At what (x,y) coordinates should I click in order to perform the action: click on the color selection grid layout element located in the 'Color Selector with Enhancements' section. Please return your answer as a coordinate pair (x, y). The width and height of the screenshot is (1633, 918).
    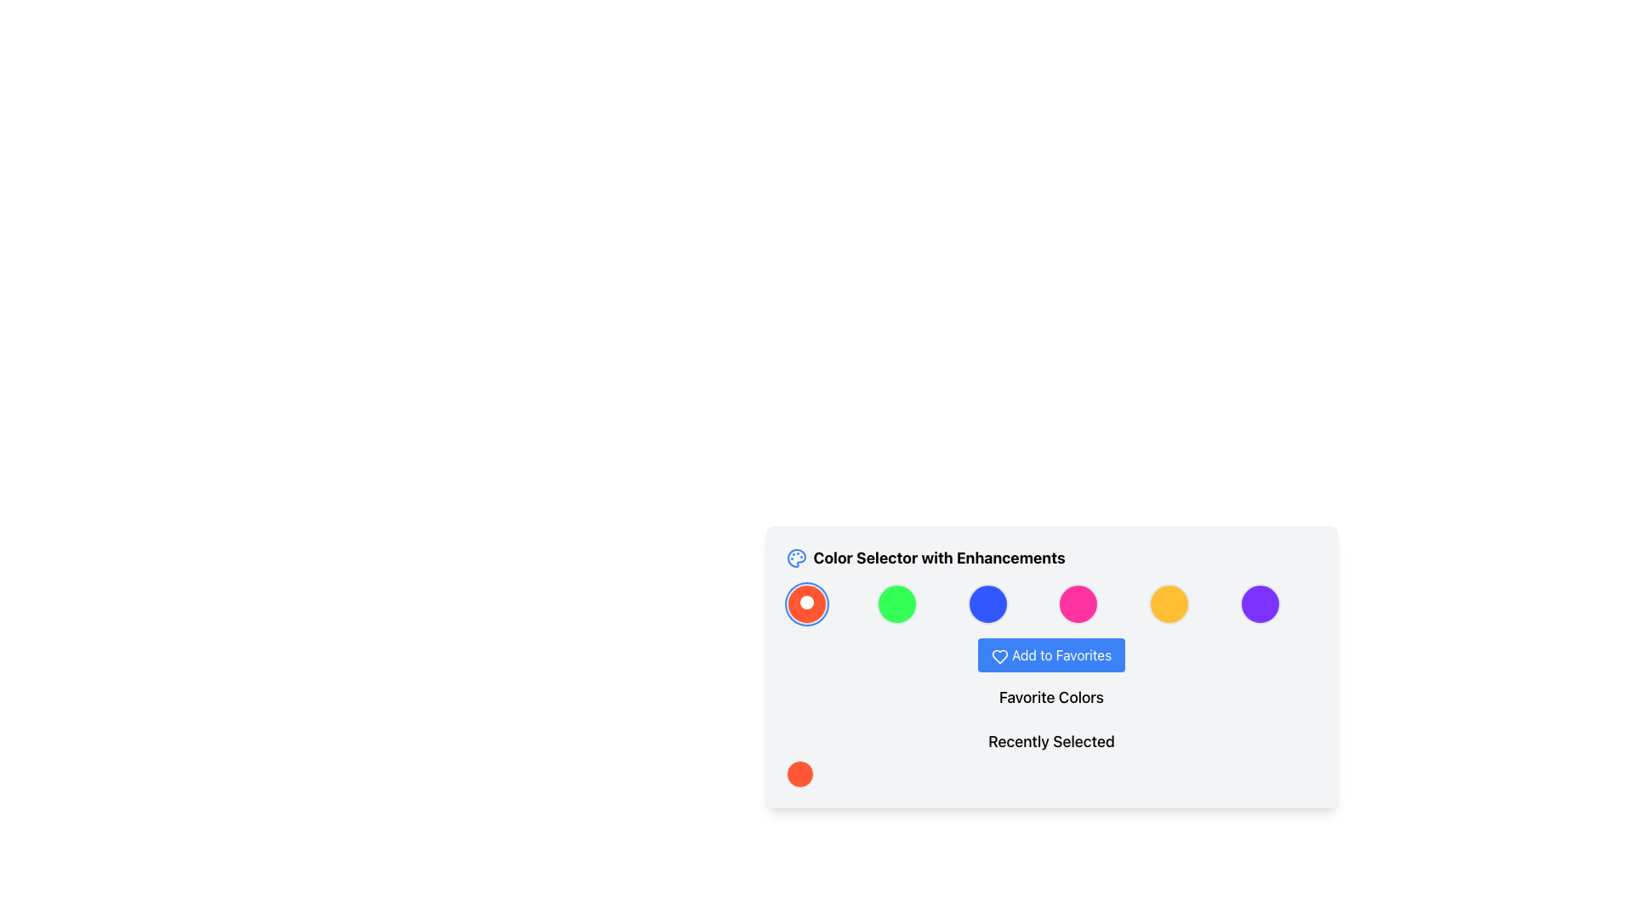
    Looking at the image, I should click on (1050, 603).